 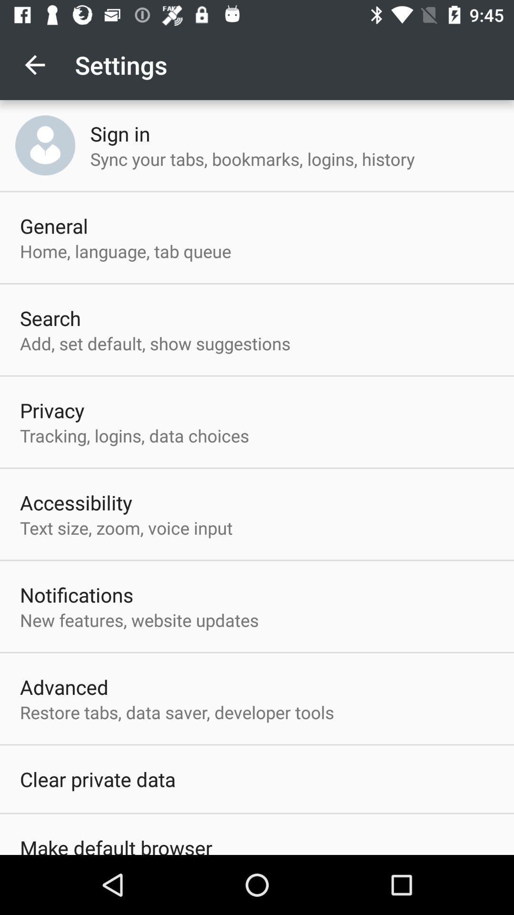 What do you see at coordinates (76, 502) in the screenshot?
I see `the icon above the text size zoom item` at bounding box center [76, 502].